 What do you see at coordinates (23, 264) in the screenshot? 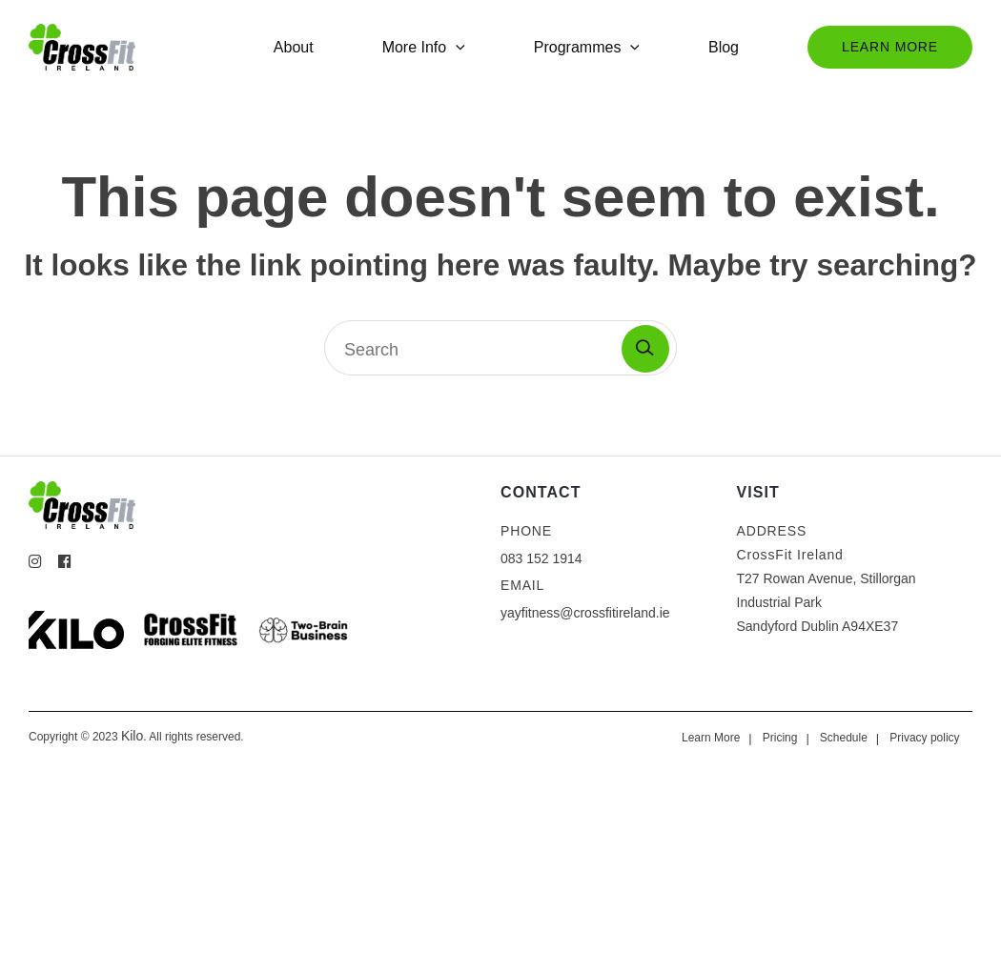
I see `'It looks like the link pointing here was faulty. Maybe try searching?'` at bounding box center [23, 264].